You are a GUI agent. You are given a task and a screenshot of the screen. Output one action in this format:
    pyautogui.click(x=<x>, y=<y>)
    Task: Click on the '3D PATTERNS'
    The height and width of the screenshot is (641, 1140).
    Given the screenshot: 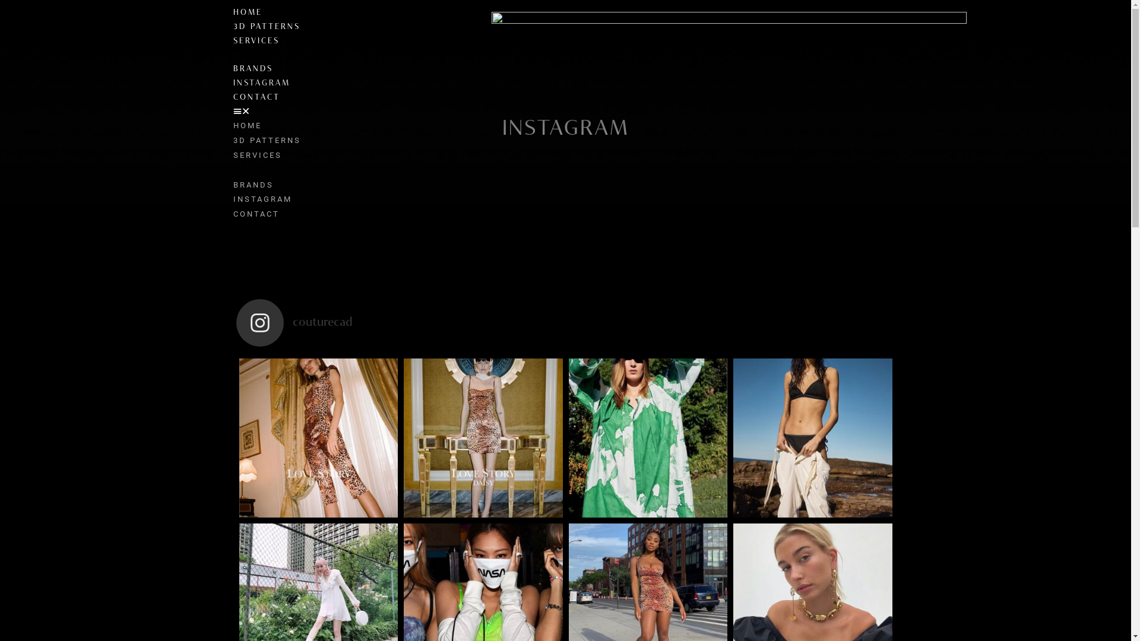 What is the action you would take?
    pyautogui.click(x=266, y=139)
    